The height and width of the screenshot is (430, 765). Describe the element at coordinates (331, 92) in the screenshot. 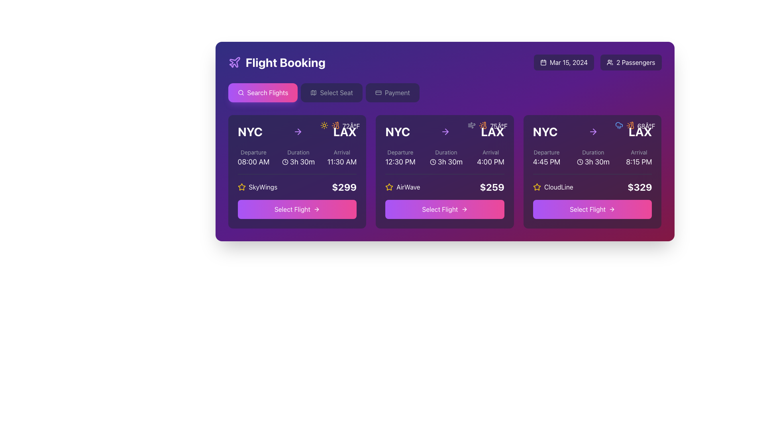

I see `the 'Choose Seat' button located between the 'Search Flights' button and the 'Payment' button in the flight booking section to observe the visual change` at that location.